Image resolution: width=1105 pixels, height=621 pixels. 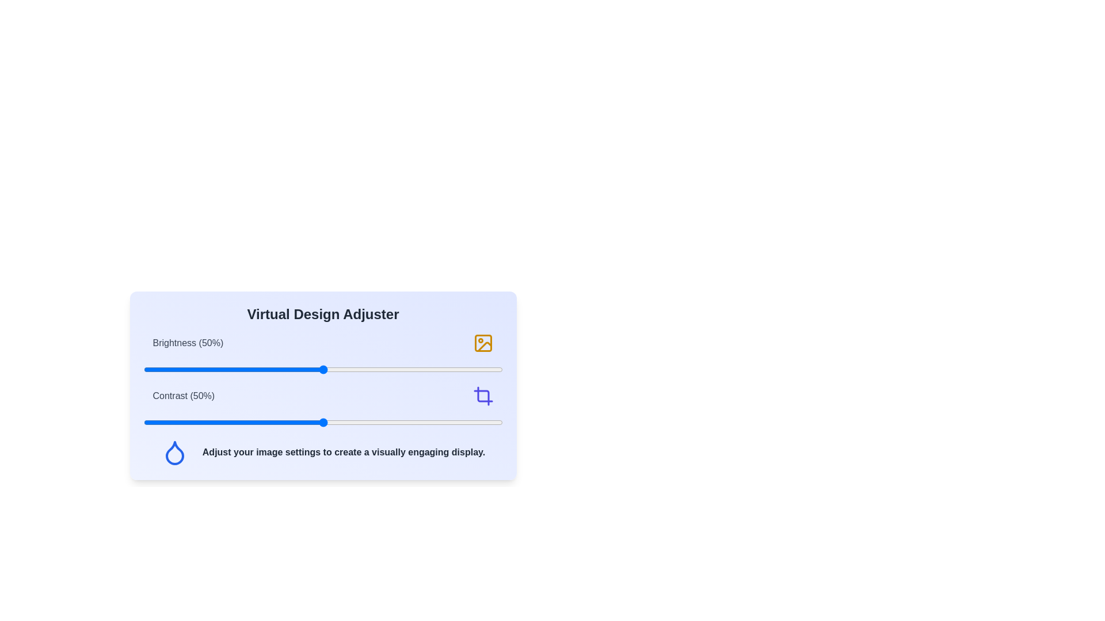 What do you see at coordinates (222, 370) in the screenshot?
I see `the brightness slider to 22%` at bounding box center [222, 370].